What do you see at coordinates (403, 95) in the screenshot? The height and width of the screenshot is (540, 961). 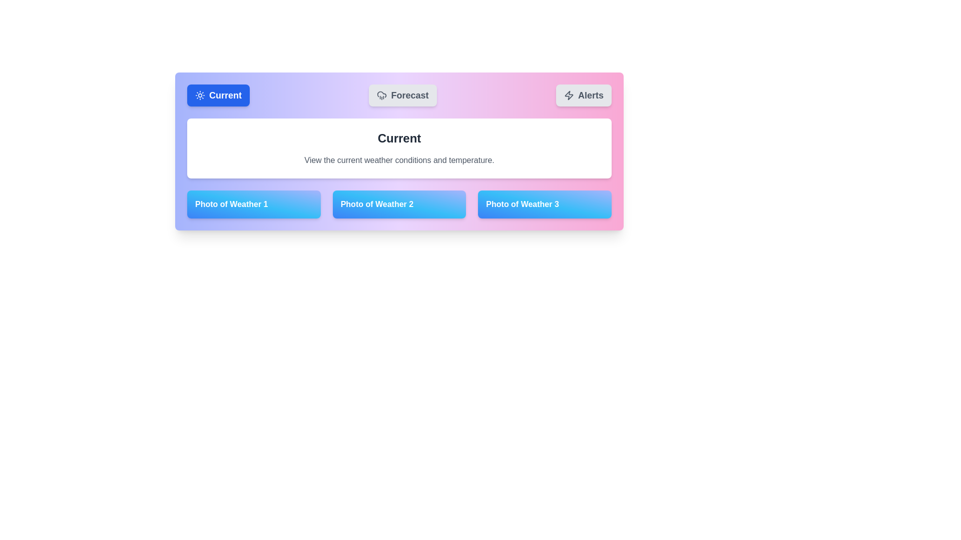 I see `the 'Forecast' button, which is the second button in a group of three` at bounding box center [403, 95].